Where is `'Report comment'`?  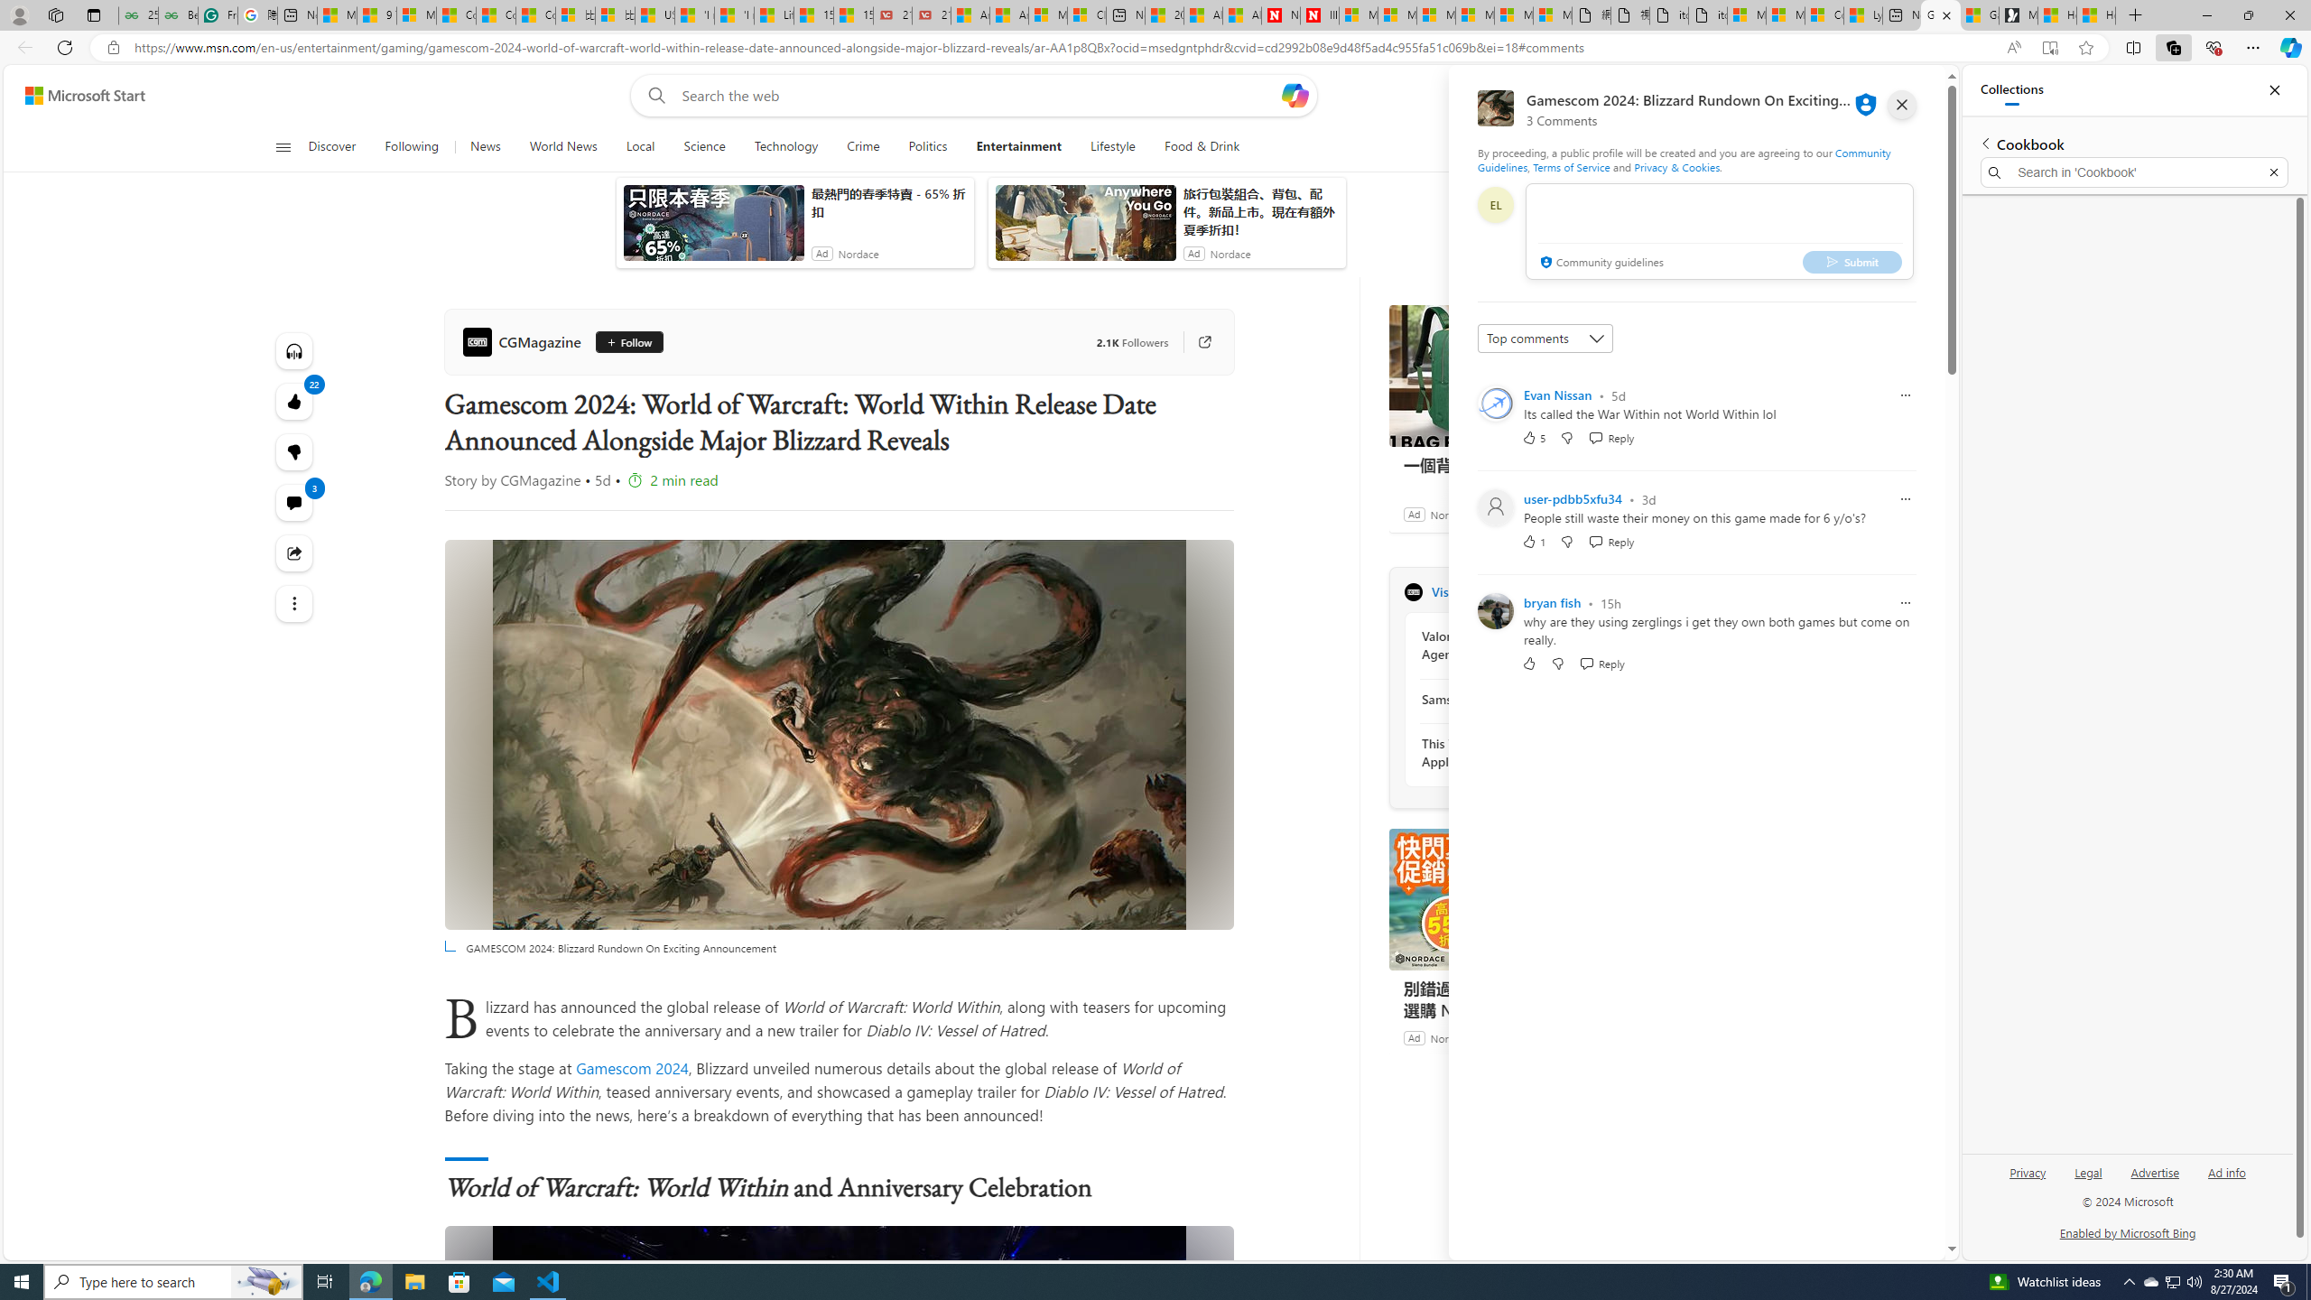 'Report comment' is located at coordinates (1904, 602).